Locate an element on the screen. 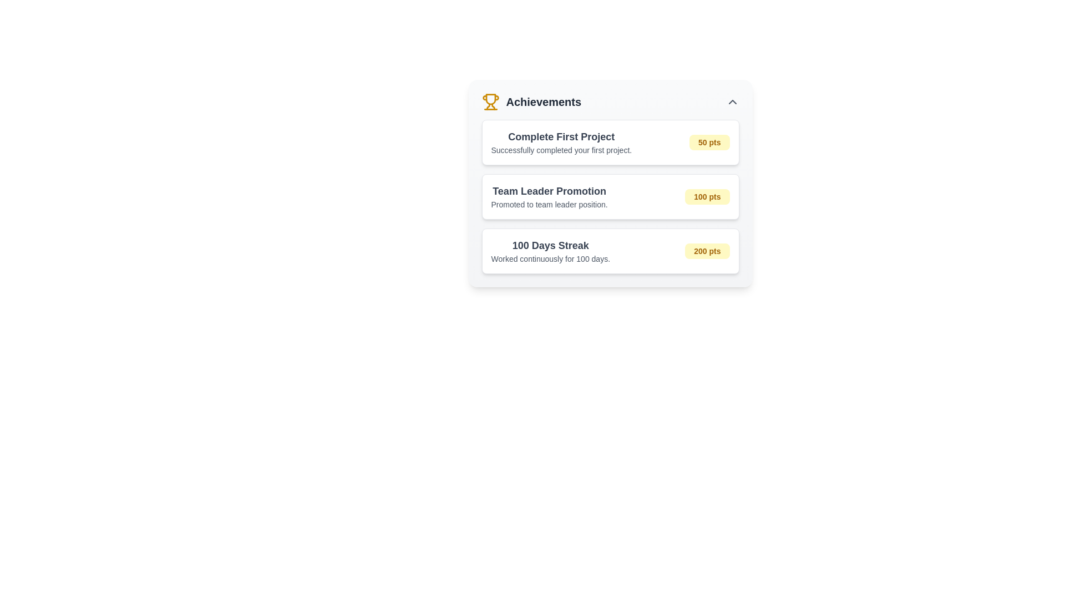  the Badge element representing the reward indicator for the 'Complete First Project' achievement, located to the far right of the section is located at coordinates (709, 142).